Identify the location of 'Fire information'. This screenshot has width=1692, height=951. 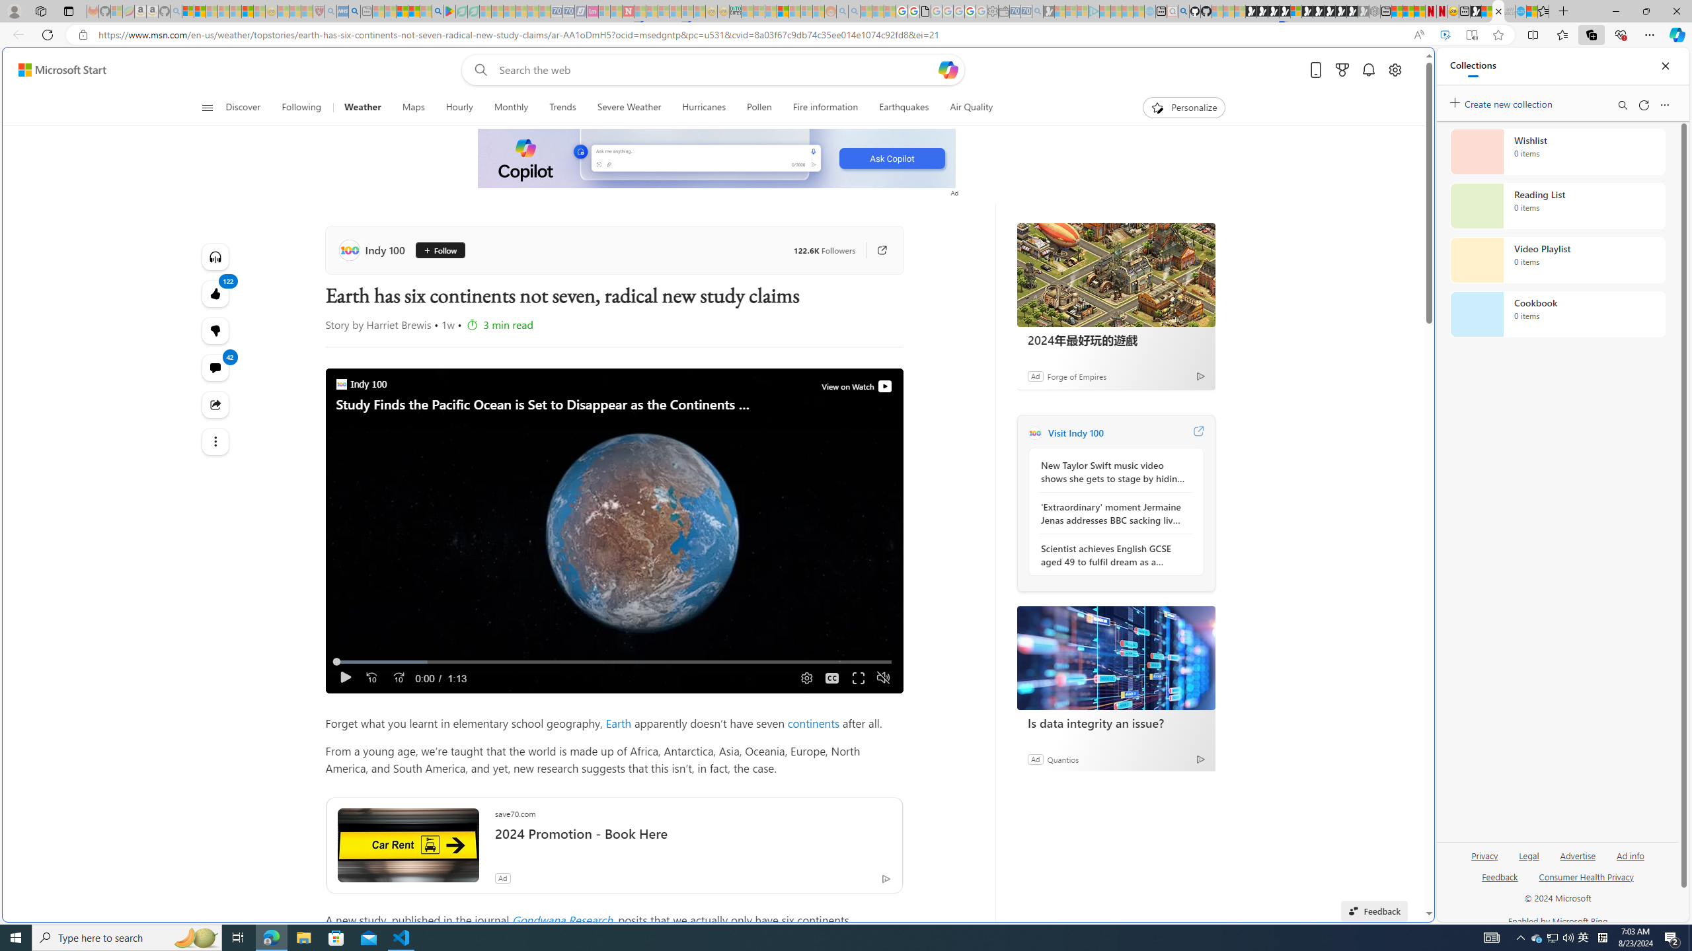
(825, 107).